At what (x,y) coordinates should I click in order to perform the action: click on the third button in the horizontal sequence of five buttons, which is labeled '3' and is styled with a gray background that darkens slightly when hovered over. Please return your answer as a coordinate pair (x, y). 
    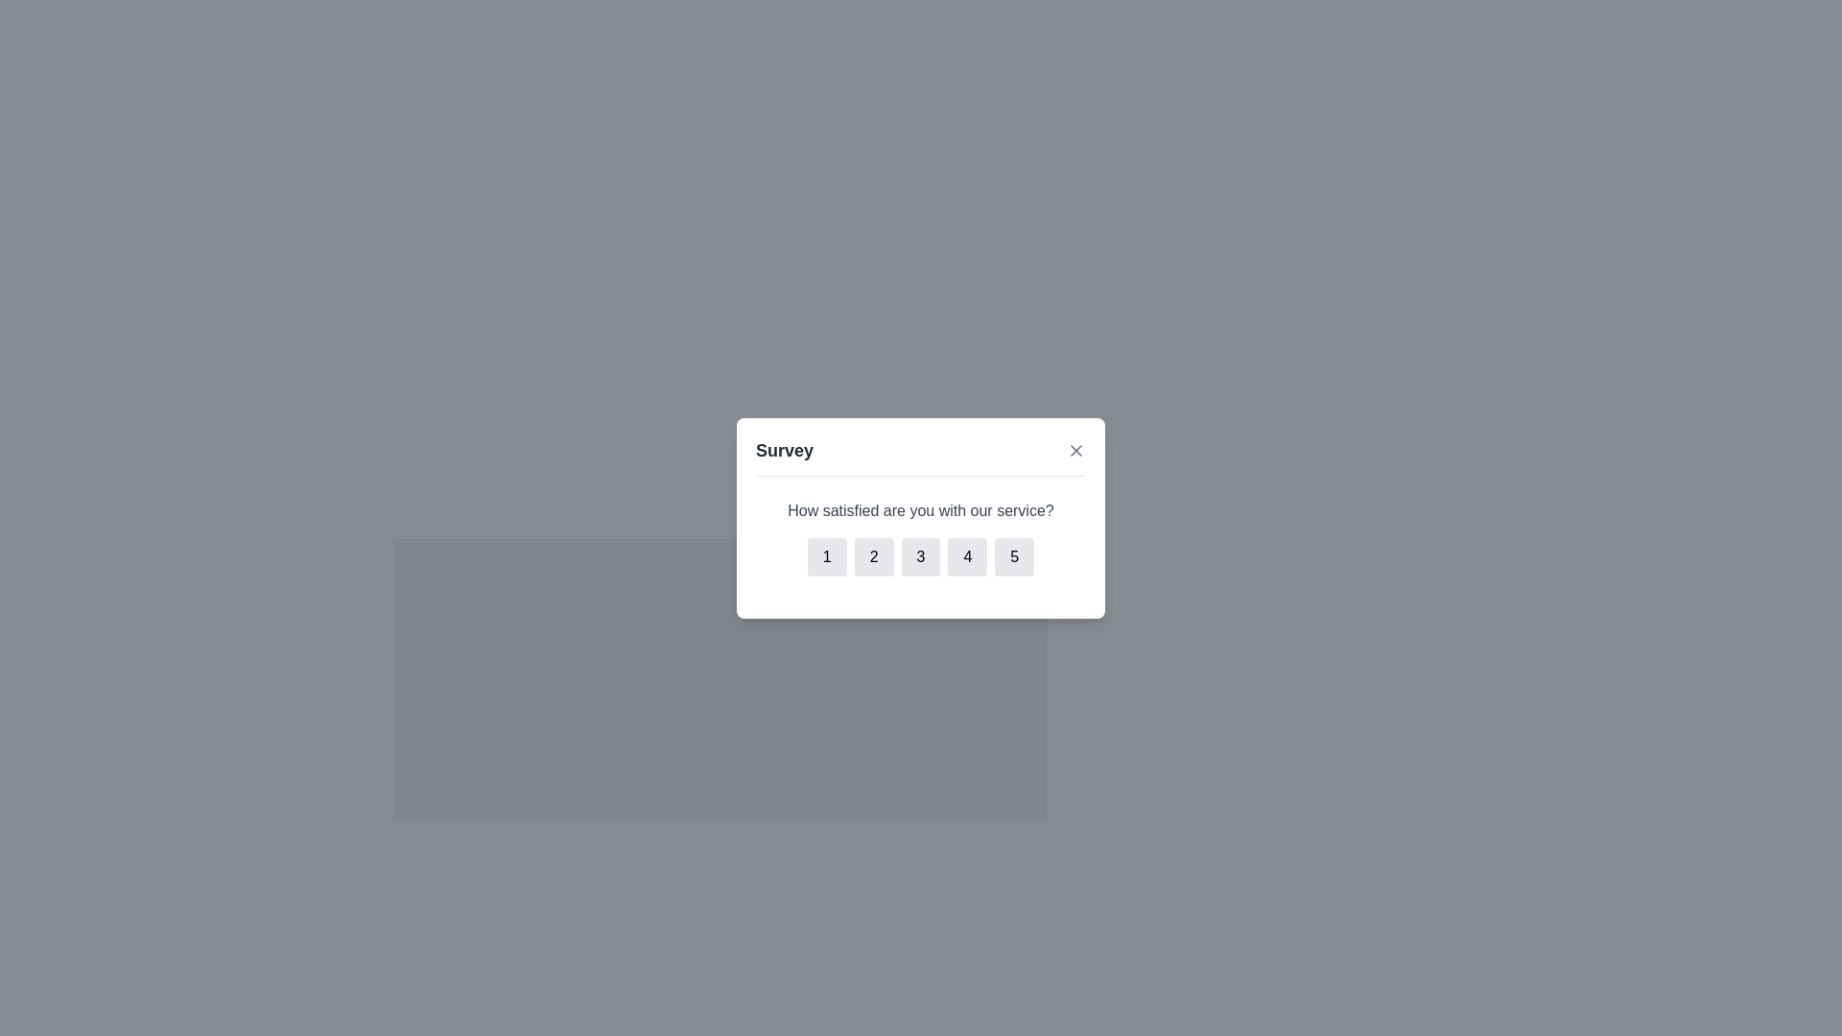
    Looking at the image, I should click on (921, 555).